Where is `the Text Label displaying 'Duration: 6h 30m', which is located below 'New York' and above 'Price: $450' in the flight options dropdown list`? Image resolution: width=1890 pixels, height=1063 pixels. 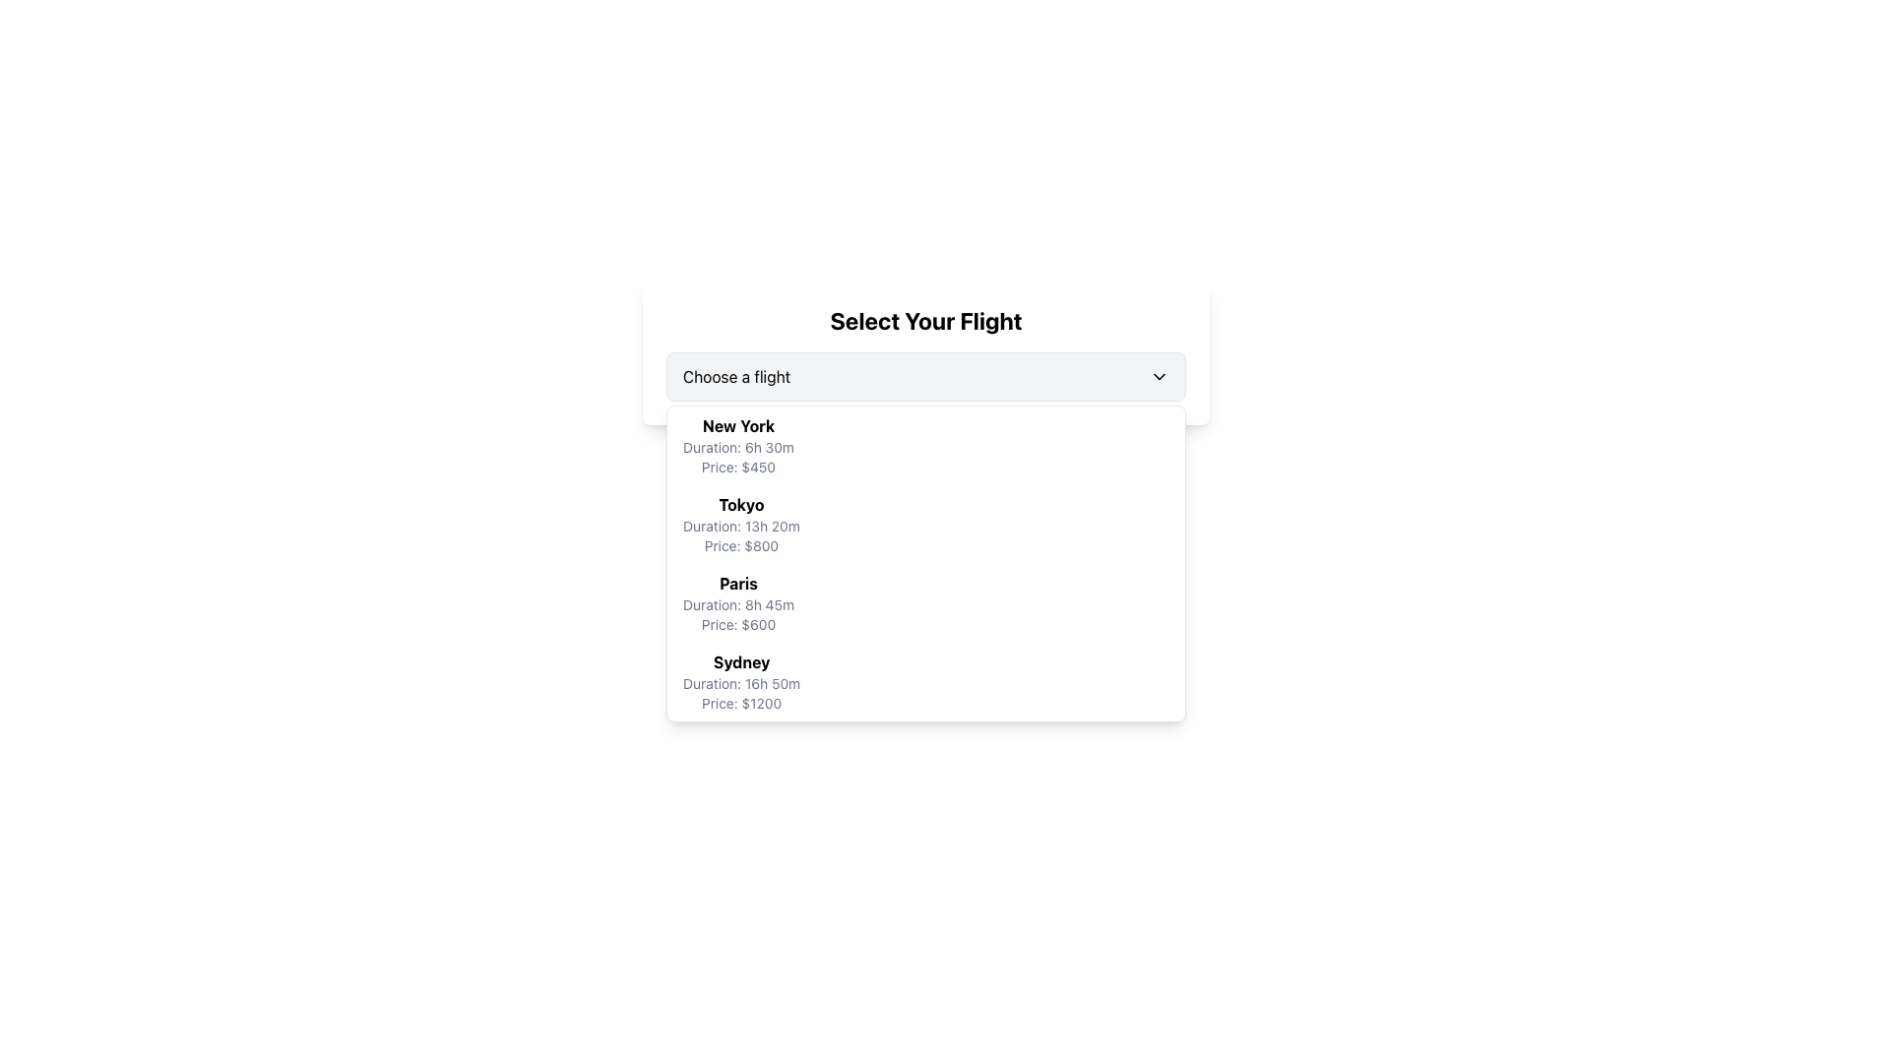 the Text Label displaying 'Duration: 6h 30m', which is located below 'New York' and above 'Price: $450' in the flight options dropdown list is located at coordinates (737, 448).